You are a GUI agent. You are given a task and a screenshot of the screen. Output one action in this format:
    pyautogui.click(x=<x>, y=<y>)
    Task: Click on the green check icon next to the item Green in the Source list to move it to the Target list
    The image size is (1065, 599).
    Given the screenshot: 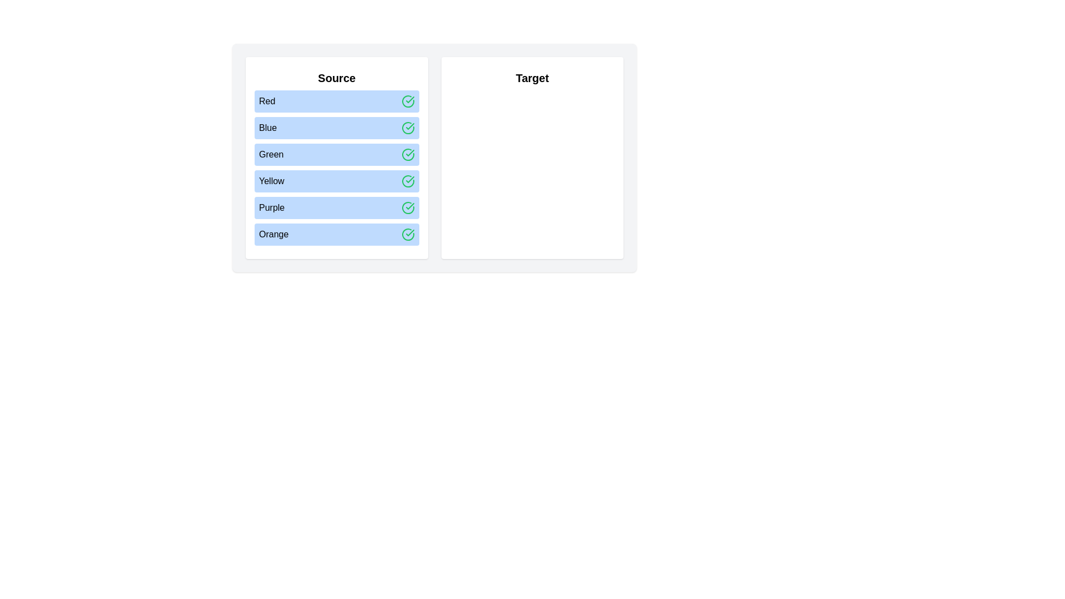 What is the action you would take?
    pyautogui.click(x=407, y=154)
    